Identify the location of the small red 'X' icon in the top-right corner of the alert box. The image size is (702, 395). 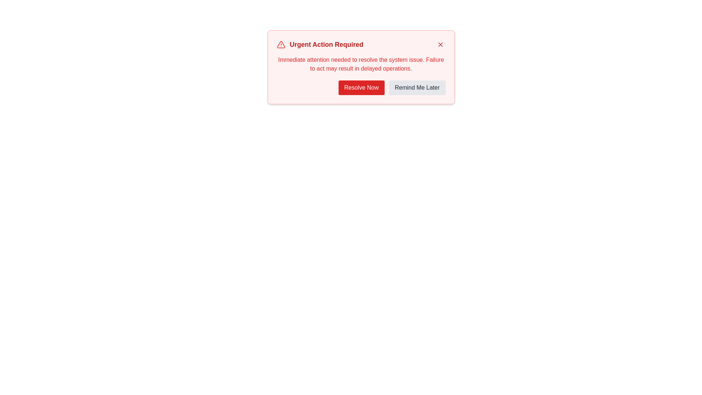
(440, 45).